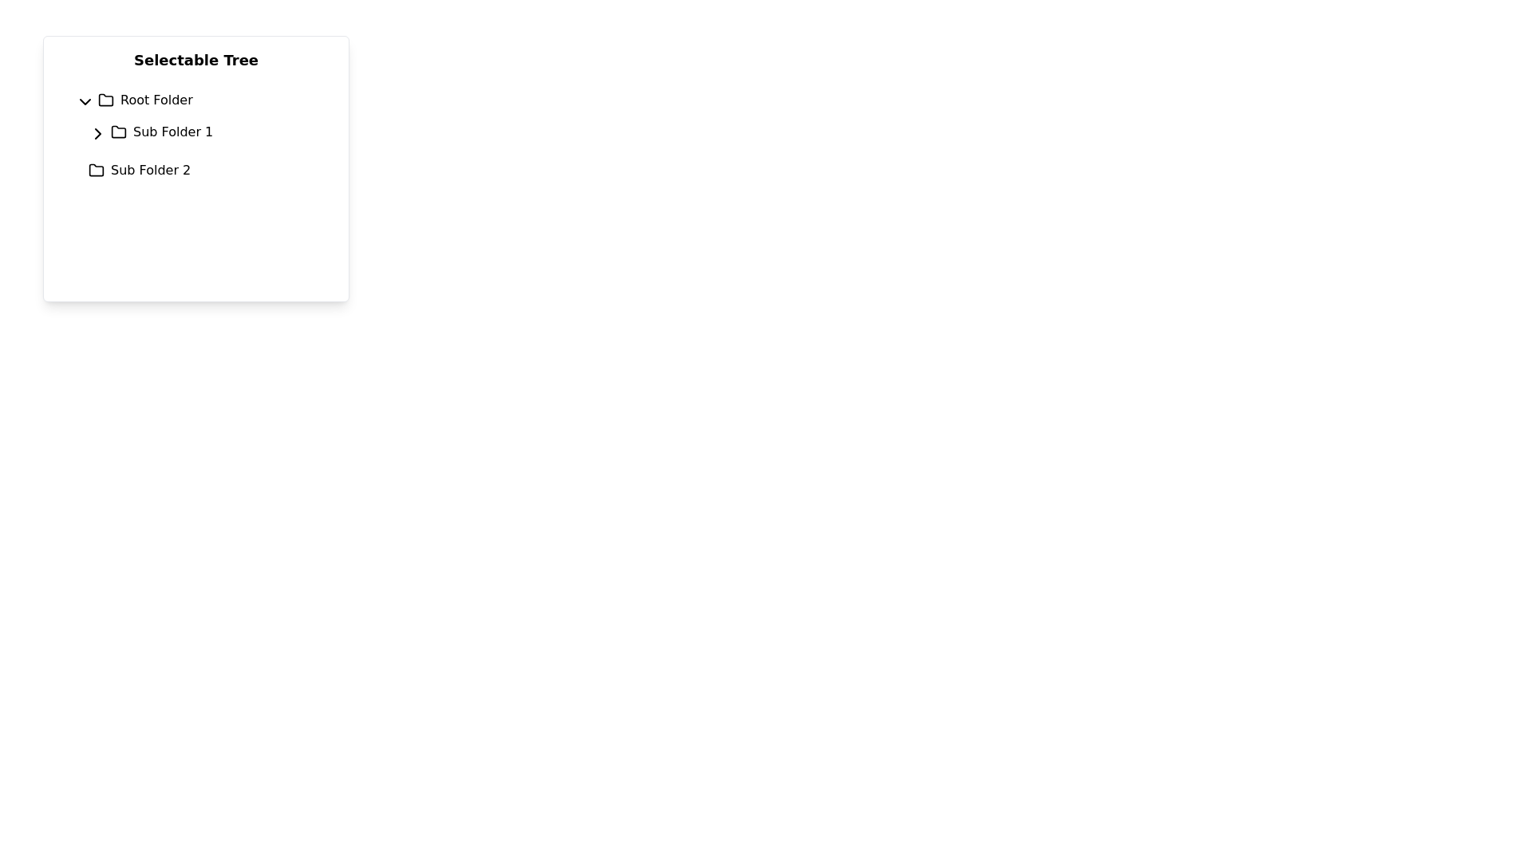 The width and height of the screenshot is (1532, 861). What do you see at coordinates (202, 100) in the screenshot?
I see `the 'Root Folder' Tree Node` at bounding box center [202, 100].